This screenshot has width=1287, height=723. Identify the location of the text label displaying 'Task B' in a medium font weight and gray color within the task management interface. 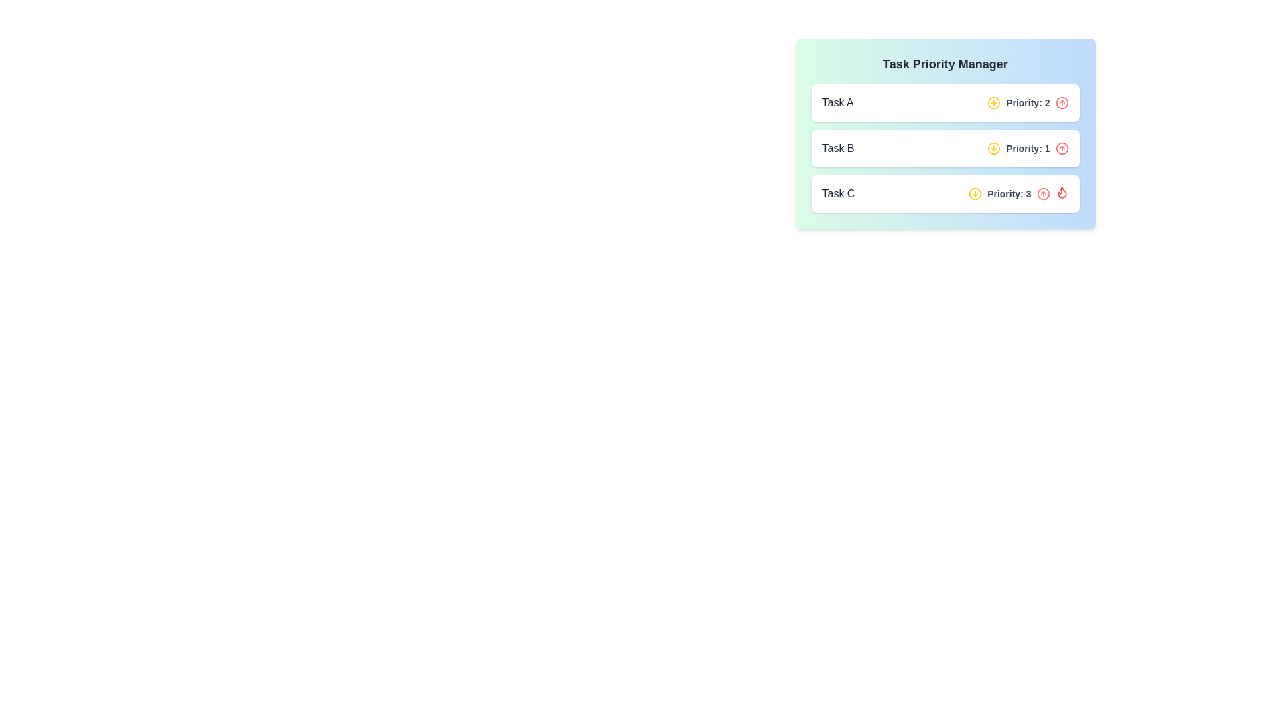
(837, 149).